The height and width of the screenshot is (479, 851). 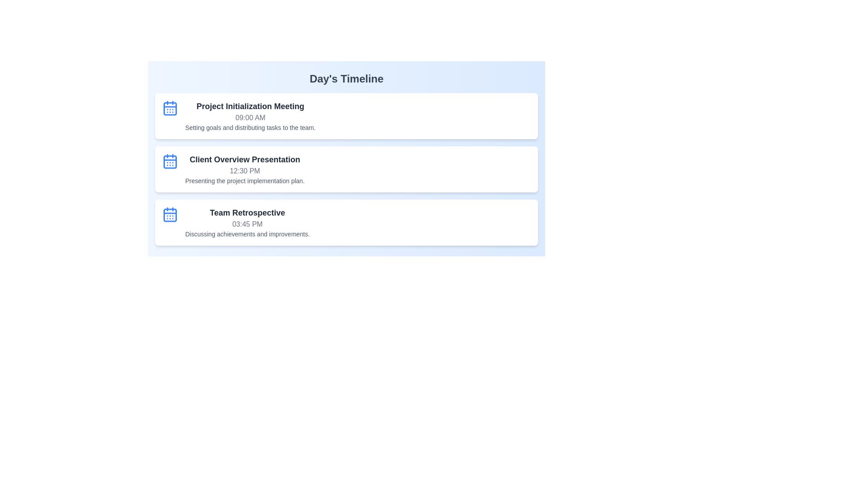 I want to click on the timeline card representing the event titled 'Team Retrospective', which is the third and last card in the list of events, so click(x=346, y=222).